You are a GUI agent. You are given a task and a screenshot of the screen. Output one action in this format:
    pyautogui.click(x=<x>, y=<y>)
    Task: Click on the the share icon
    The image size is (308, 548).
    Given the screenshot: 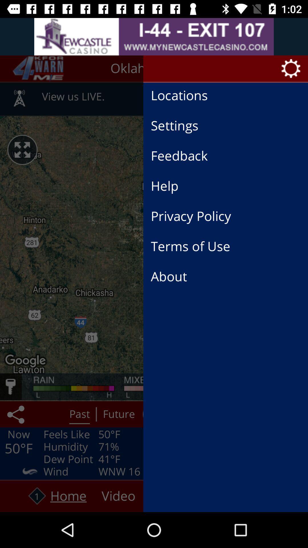 What is the action you would take?
    pyautogui.click(x=17, y=414)
    